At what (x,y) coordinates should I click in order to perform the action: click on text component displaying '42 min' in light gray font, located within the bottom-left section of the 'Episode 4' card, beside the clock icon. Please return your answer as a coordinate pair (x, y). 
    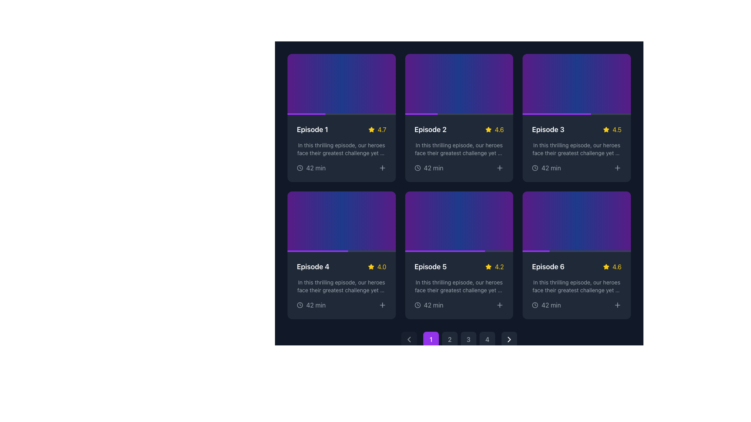
    Looking at the image, I should click on (316, 305).